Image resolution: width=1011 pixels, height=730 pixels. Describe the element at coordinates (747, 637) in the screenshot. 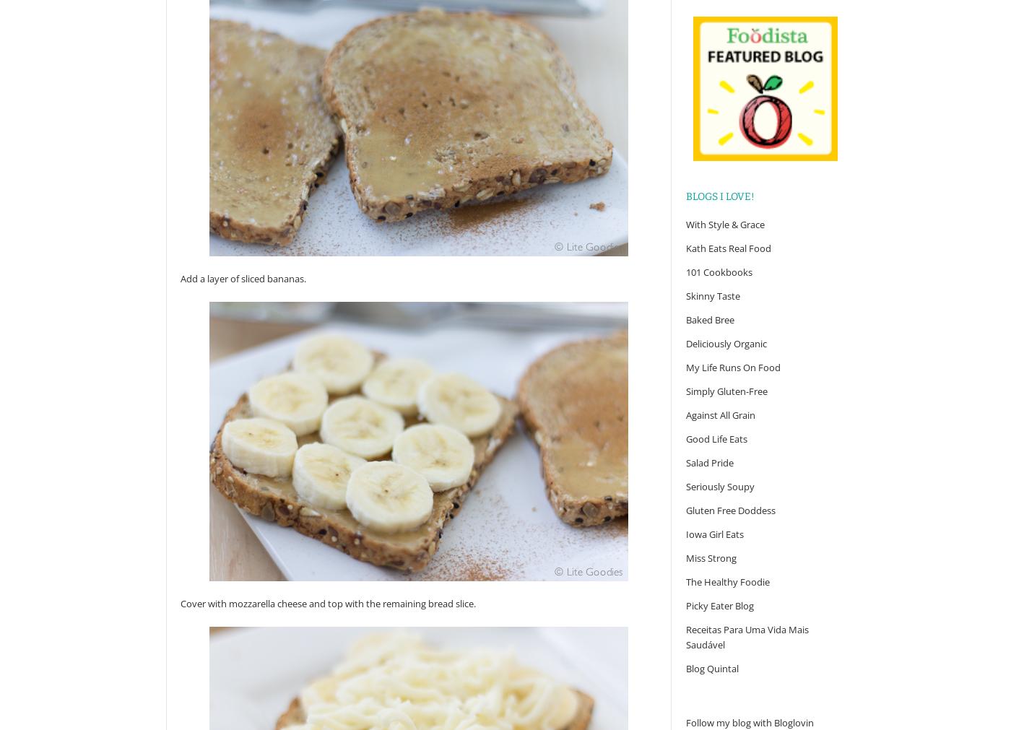

I see `'Receitas Para Uma Vida Mais Saudável'` at that location.